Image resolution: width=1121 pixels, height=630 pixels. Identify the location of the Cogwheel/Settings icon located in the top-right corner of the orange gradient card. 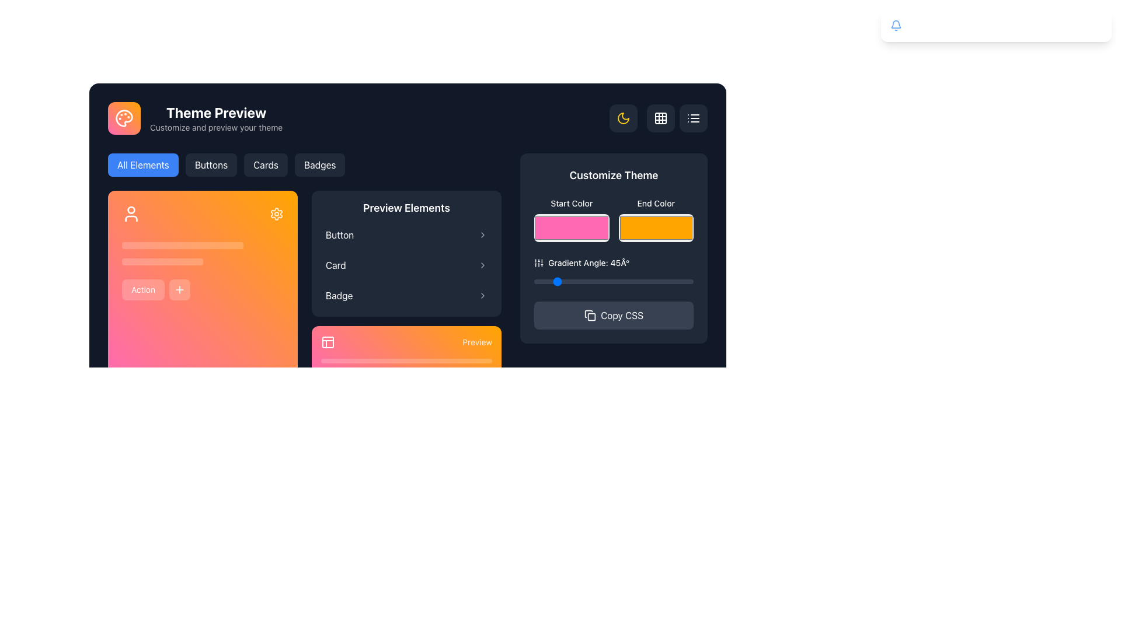
(276, 213).